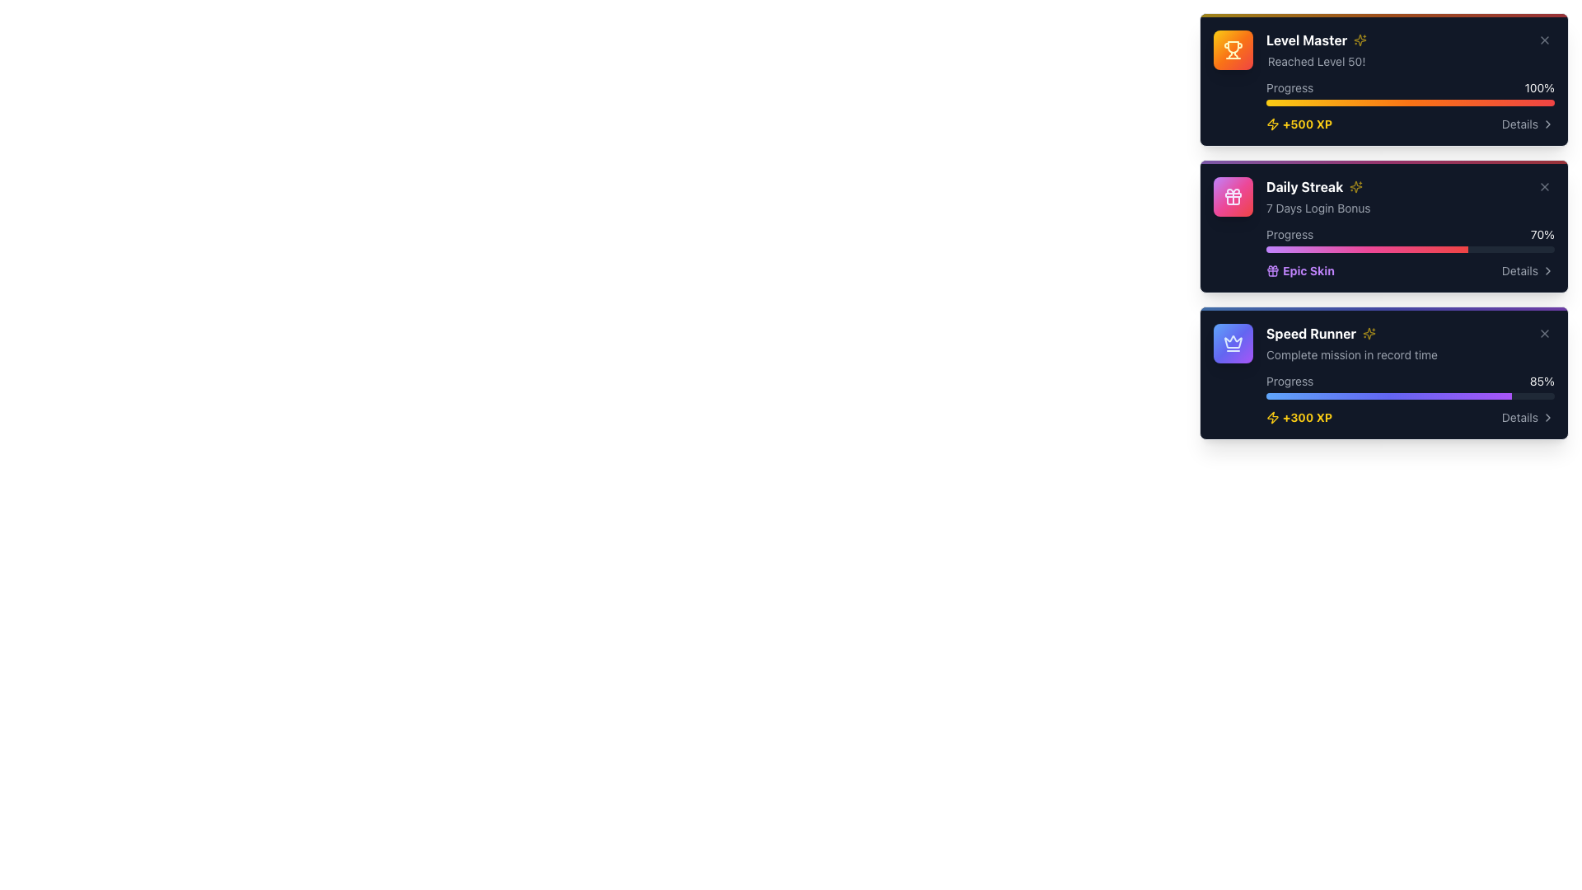  Describe the element at coordinates (1318, 196) in the screenshot. I see `the static information text element displaying 'Daily Streak' with the accompanying yellow sparkle icon, located between 'Level Master' and 'Speed Runner'` at that location.